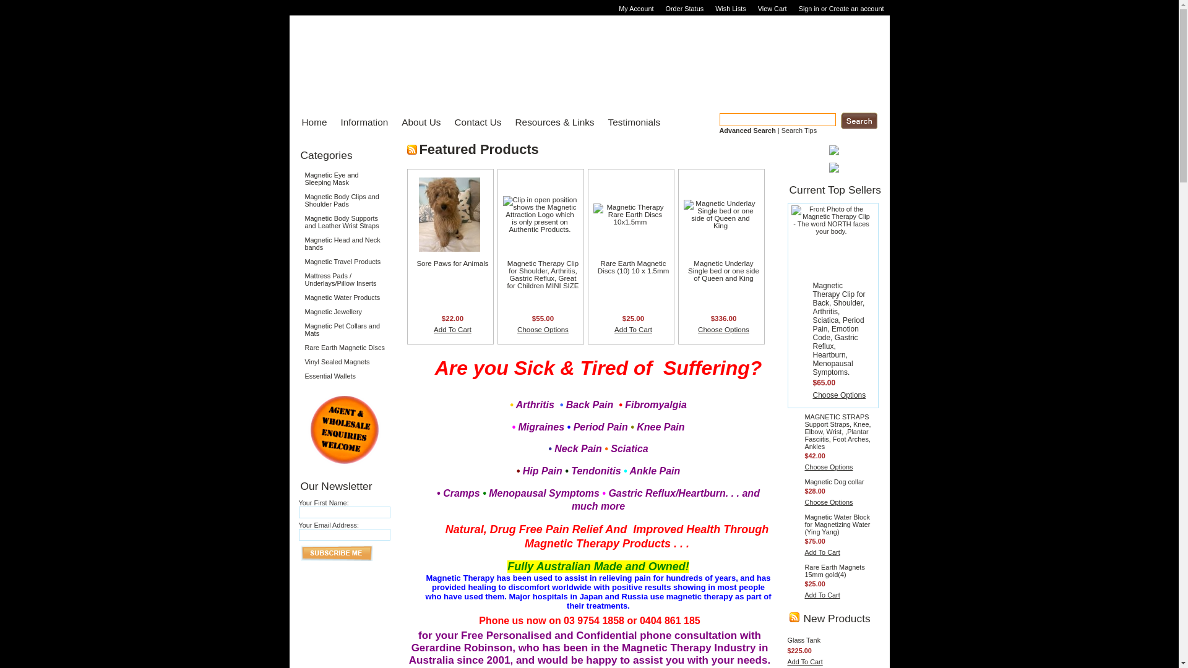 The height and width of the screenshot is (668, 1188). What do you see at coordinates (417, 122) in the screenshot?
I see `'About Us'` at bounding box center [417, 122].